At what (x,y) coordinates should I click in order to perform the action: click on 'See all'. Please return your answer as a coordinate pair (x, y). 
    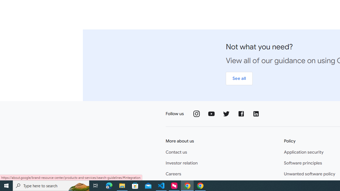
    Looking at the image, I should click on (239, 79).